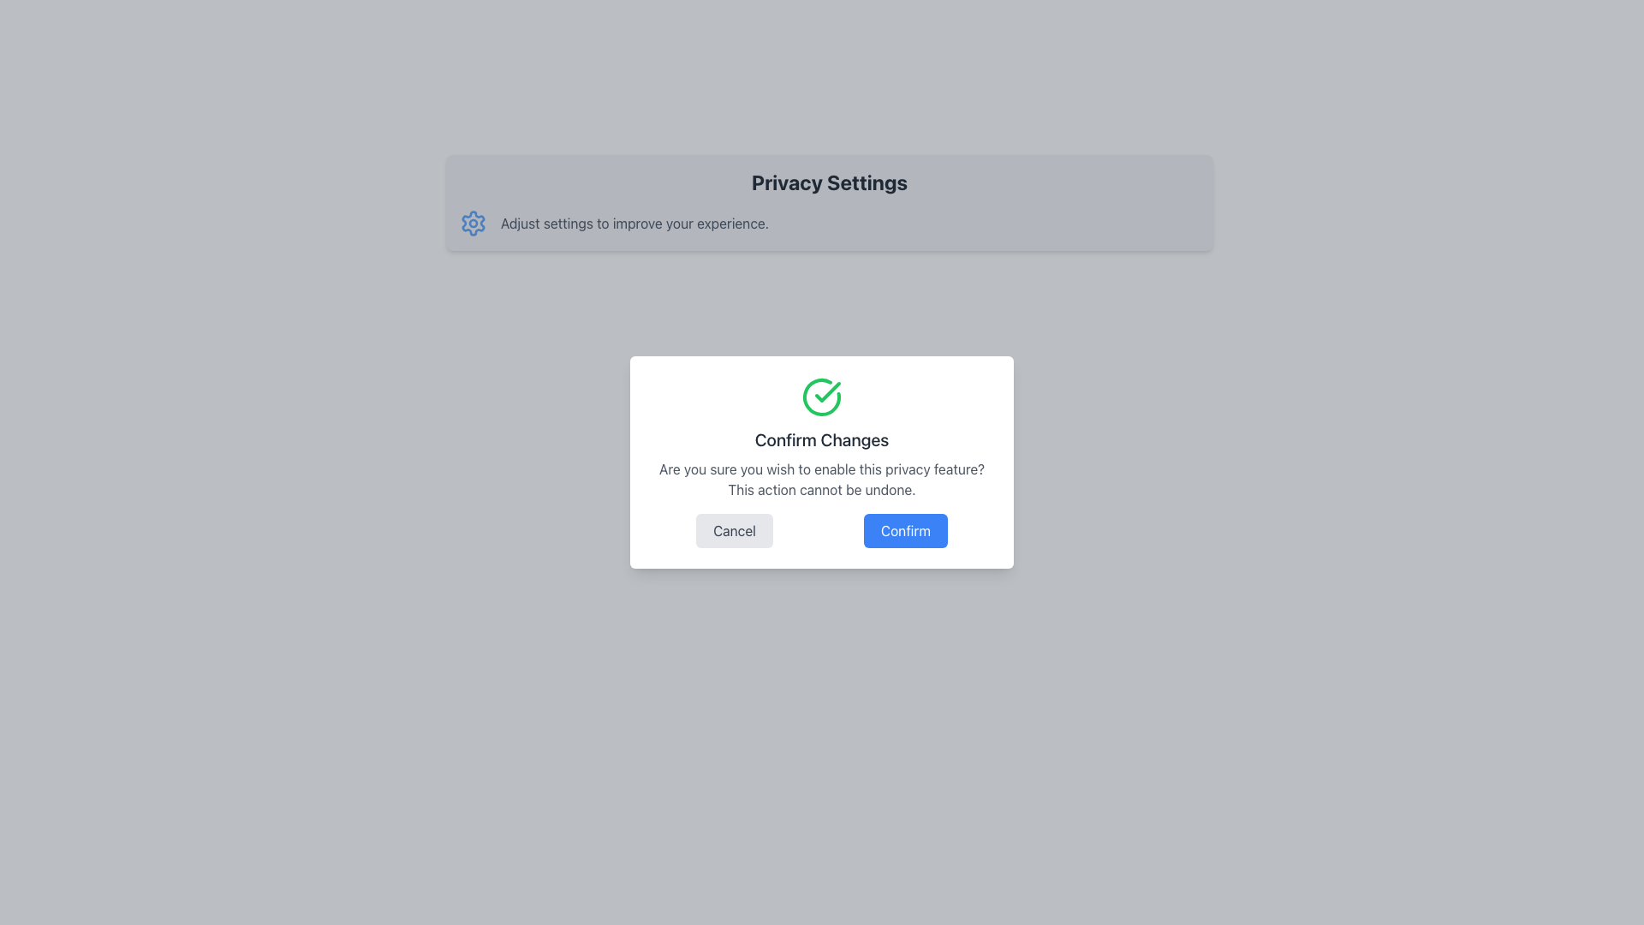 This screenshot has width=1644, height=925. What do you see at coordinates (822, 479) in the screenshot?
I see `the warning message text element located in the modal dialog box below 'Confirm Changes'` at bounding box center [822, 479].